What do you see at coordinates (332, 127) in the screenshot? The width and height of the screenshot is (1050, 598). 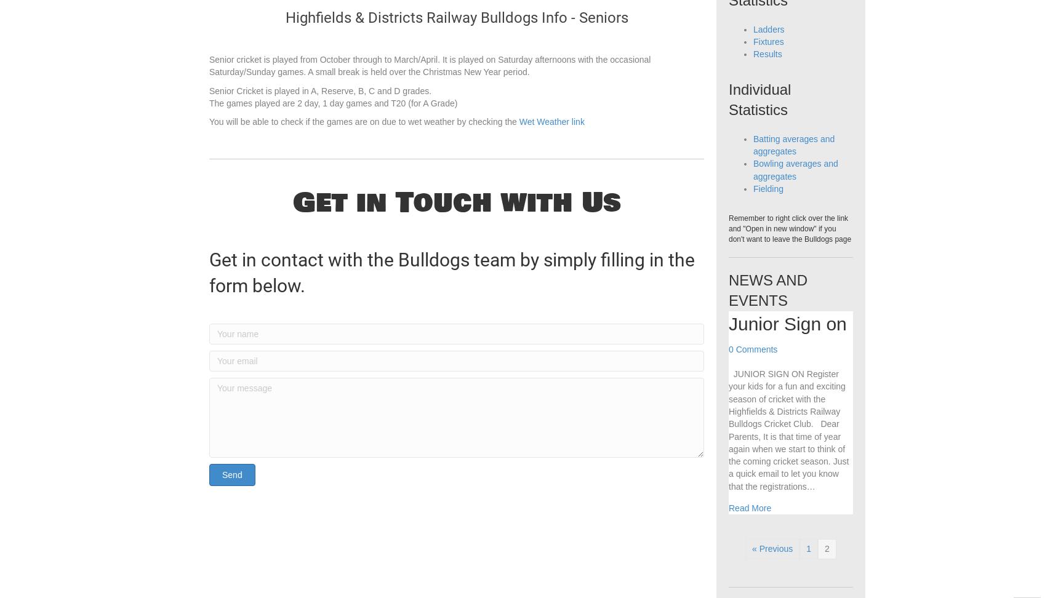 I see `'The games played are 2 day, 1 day games and T20 (for A Grade)'` at bounding box center [332, 127].